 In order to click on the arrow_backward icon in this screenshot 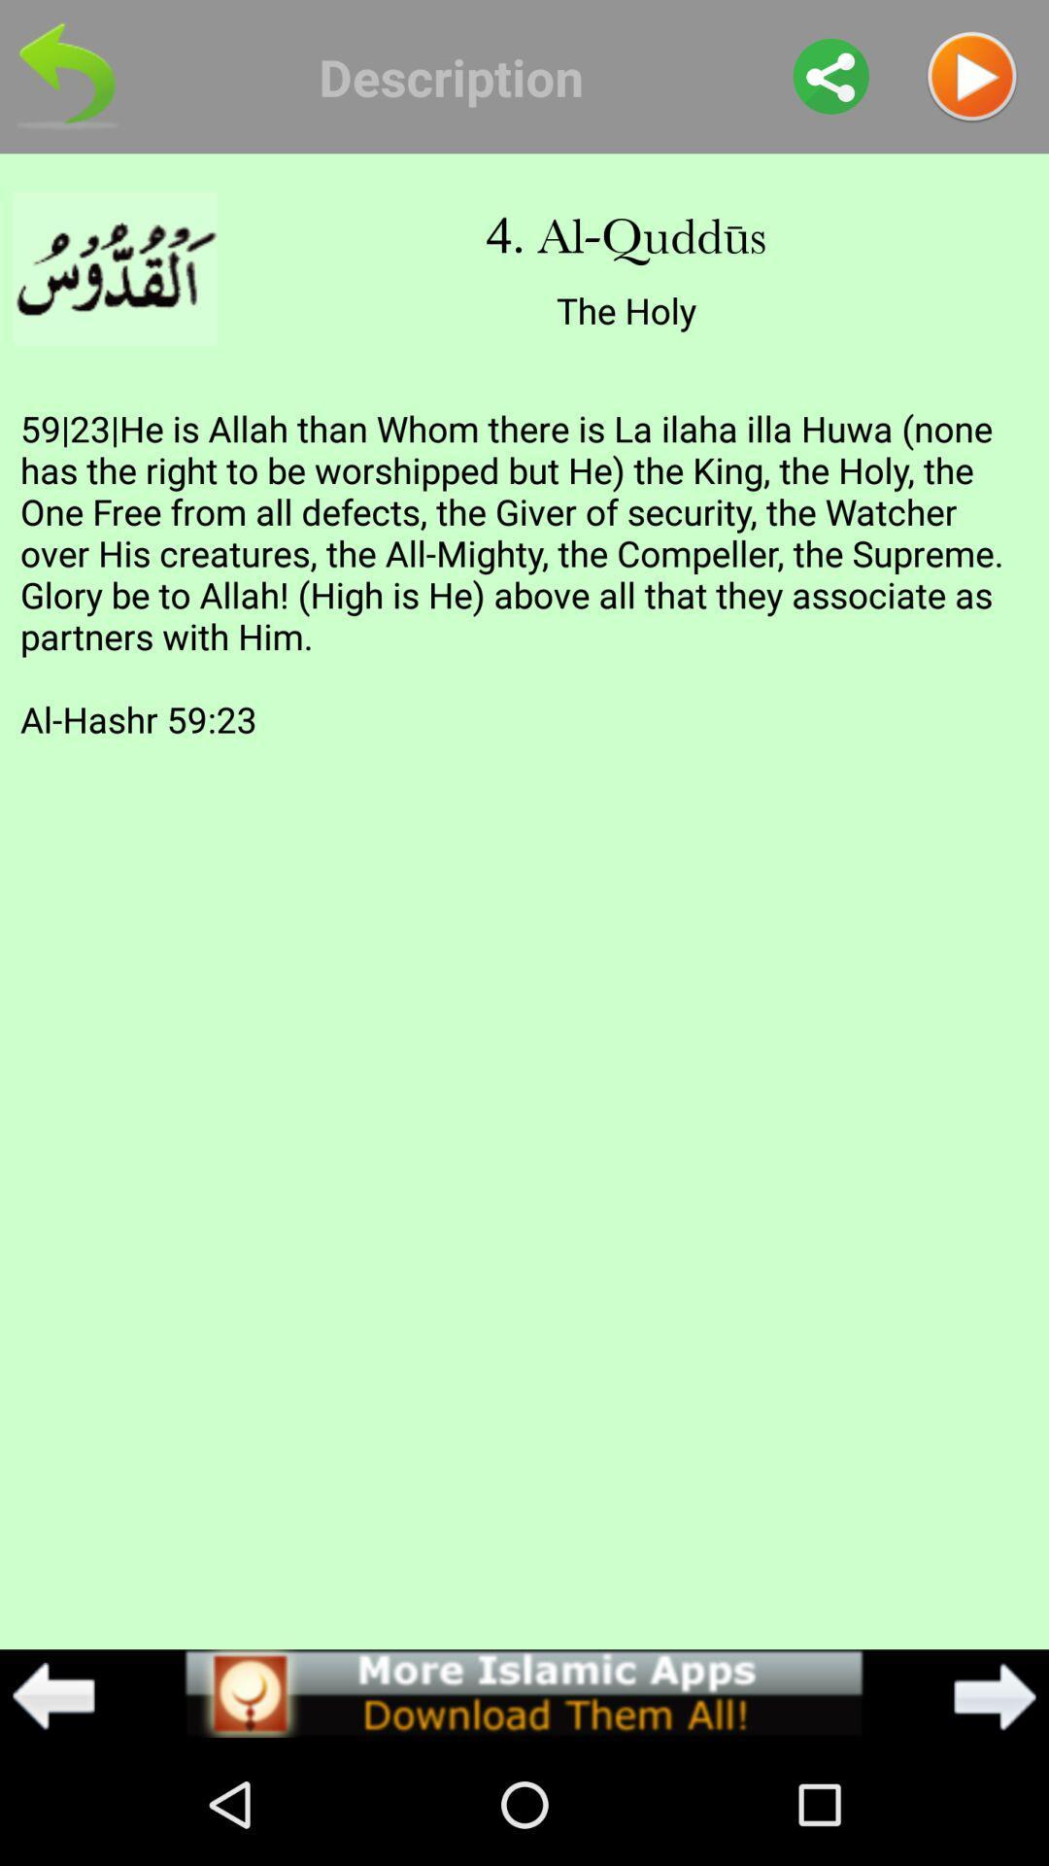, I will do `click(52, 1814)`.